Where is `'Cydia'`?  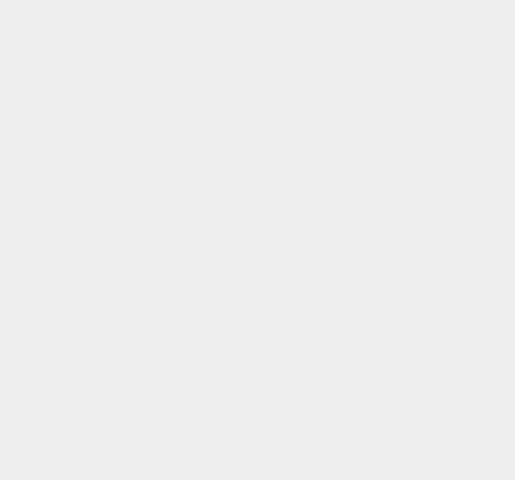
'Cydia' is located at coordinates (371, 207).